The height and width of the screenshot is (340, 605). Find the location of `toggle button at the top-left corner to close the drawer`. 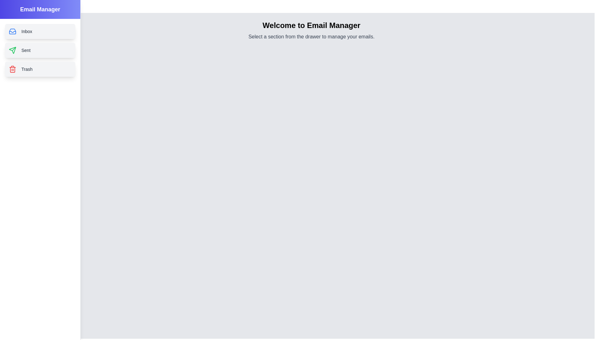

toggle button at the top-left corner to close the drawer is located at coordinates (10, 11).